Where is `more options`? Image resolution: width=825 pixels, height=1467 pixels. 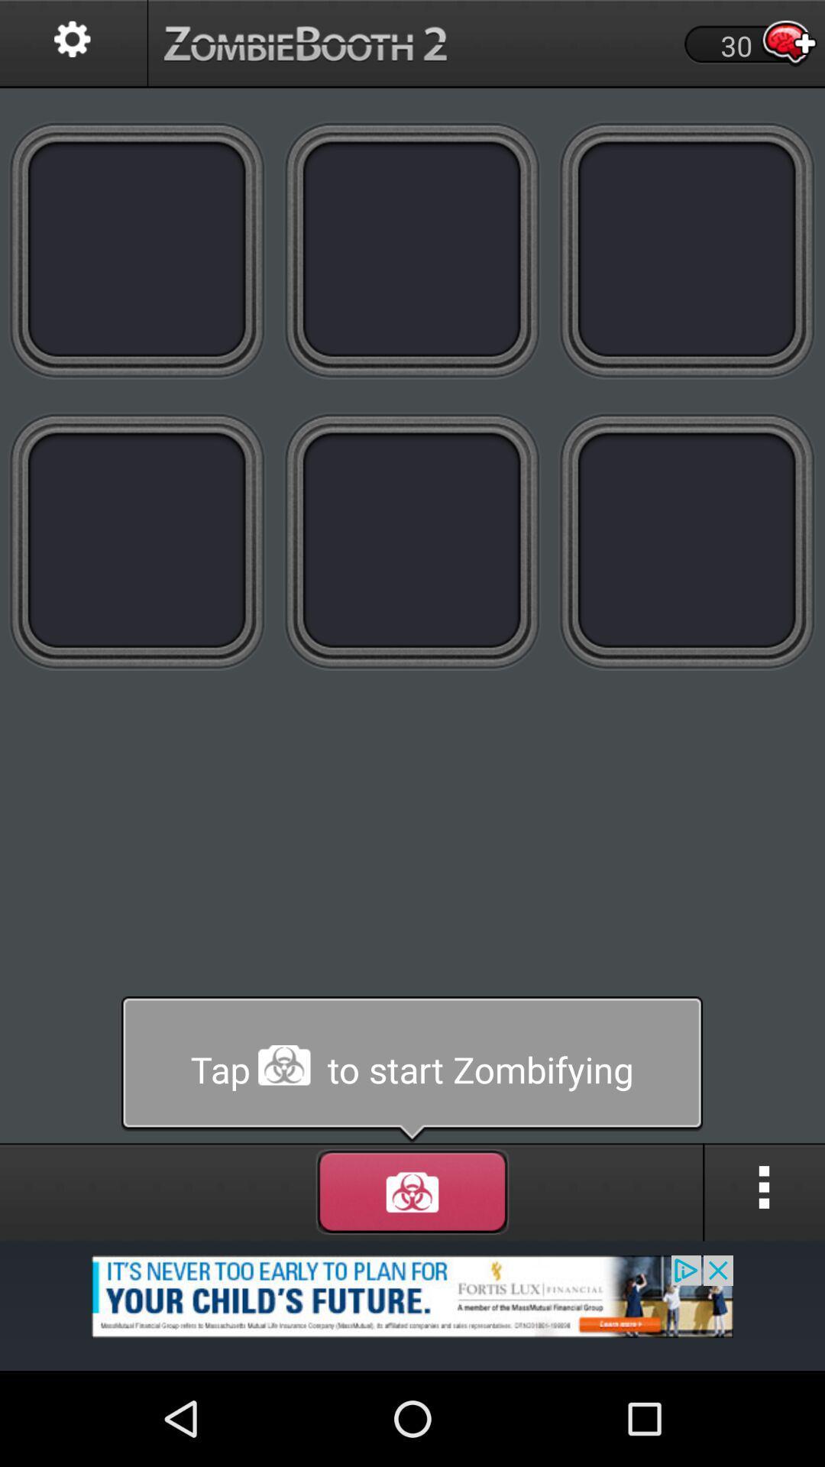
more options is located at coordinates (765, 1191).